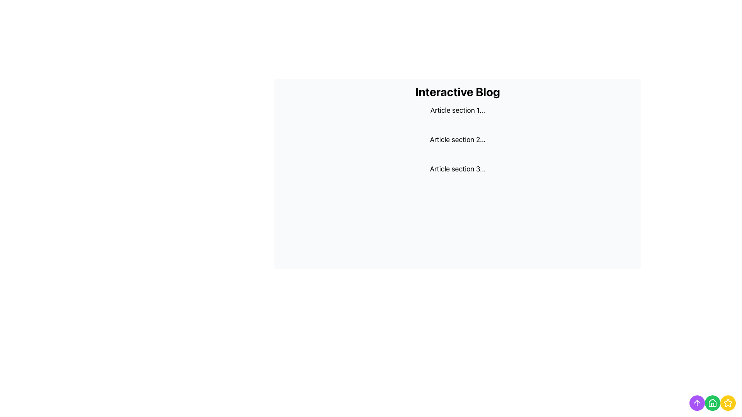  What do you see at coordinates (712, 402) in the screenshot?
I see `the house icon located at the bottom right corner of the interface to redirect users to the main page or dashboard` at bounding box center [712, 402].